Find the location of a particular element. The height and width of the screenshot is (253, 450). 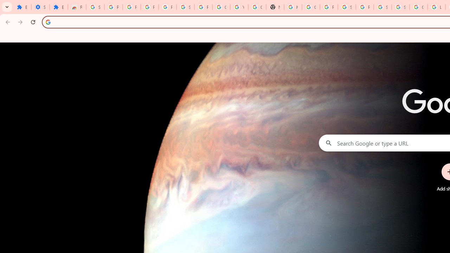

'Sign in - Google Accounts' is located at coordinates (382, 7).